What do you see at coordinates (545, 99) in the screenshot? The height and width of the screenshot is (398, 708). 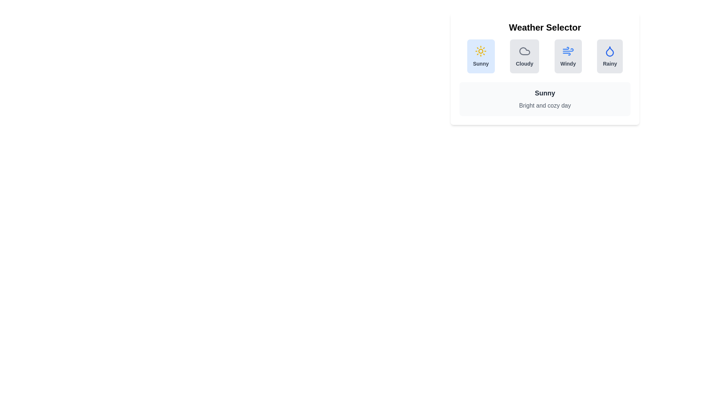 I see `the Information card located at the bottom of the 'Weather Selector' card to read its description about the 'Sunny' weather condition` at bounding box center [545, 99].